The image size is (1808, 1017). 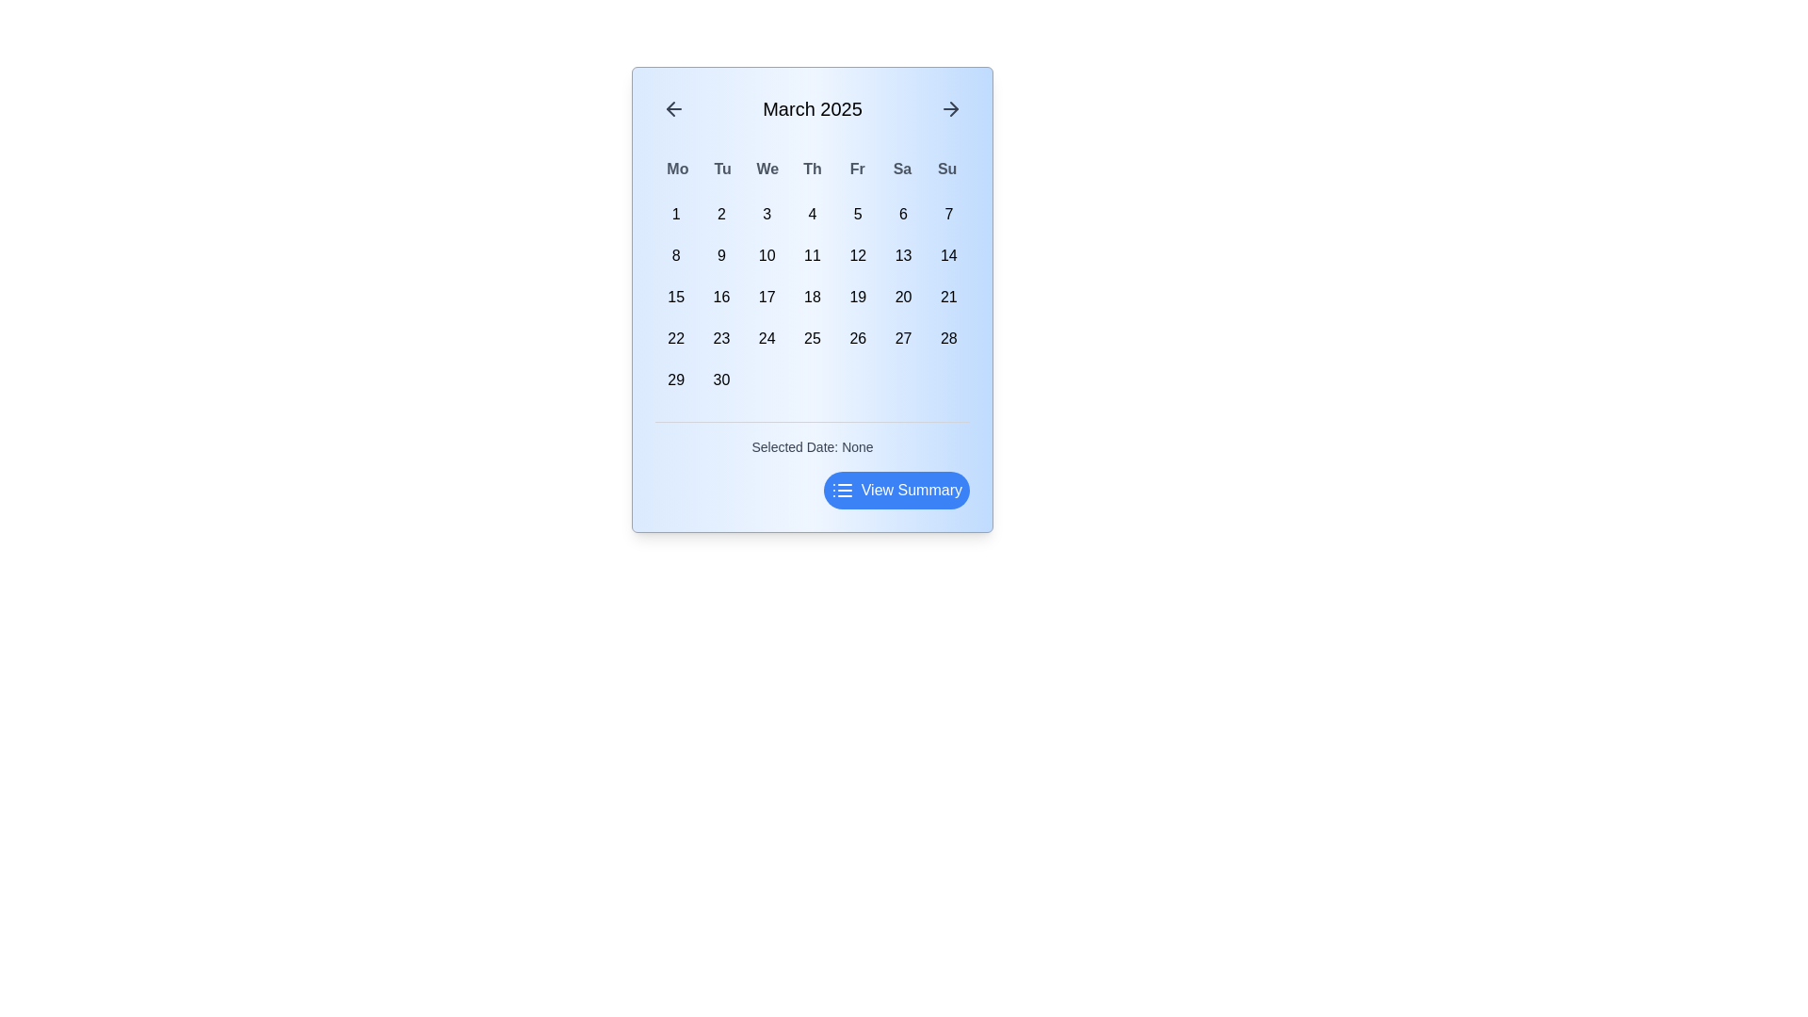 I want to click on the circular button displaying '14' in a calendar grid layout, so click(x=948, y=256).